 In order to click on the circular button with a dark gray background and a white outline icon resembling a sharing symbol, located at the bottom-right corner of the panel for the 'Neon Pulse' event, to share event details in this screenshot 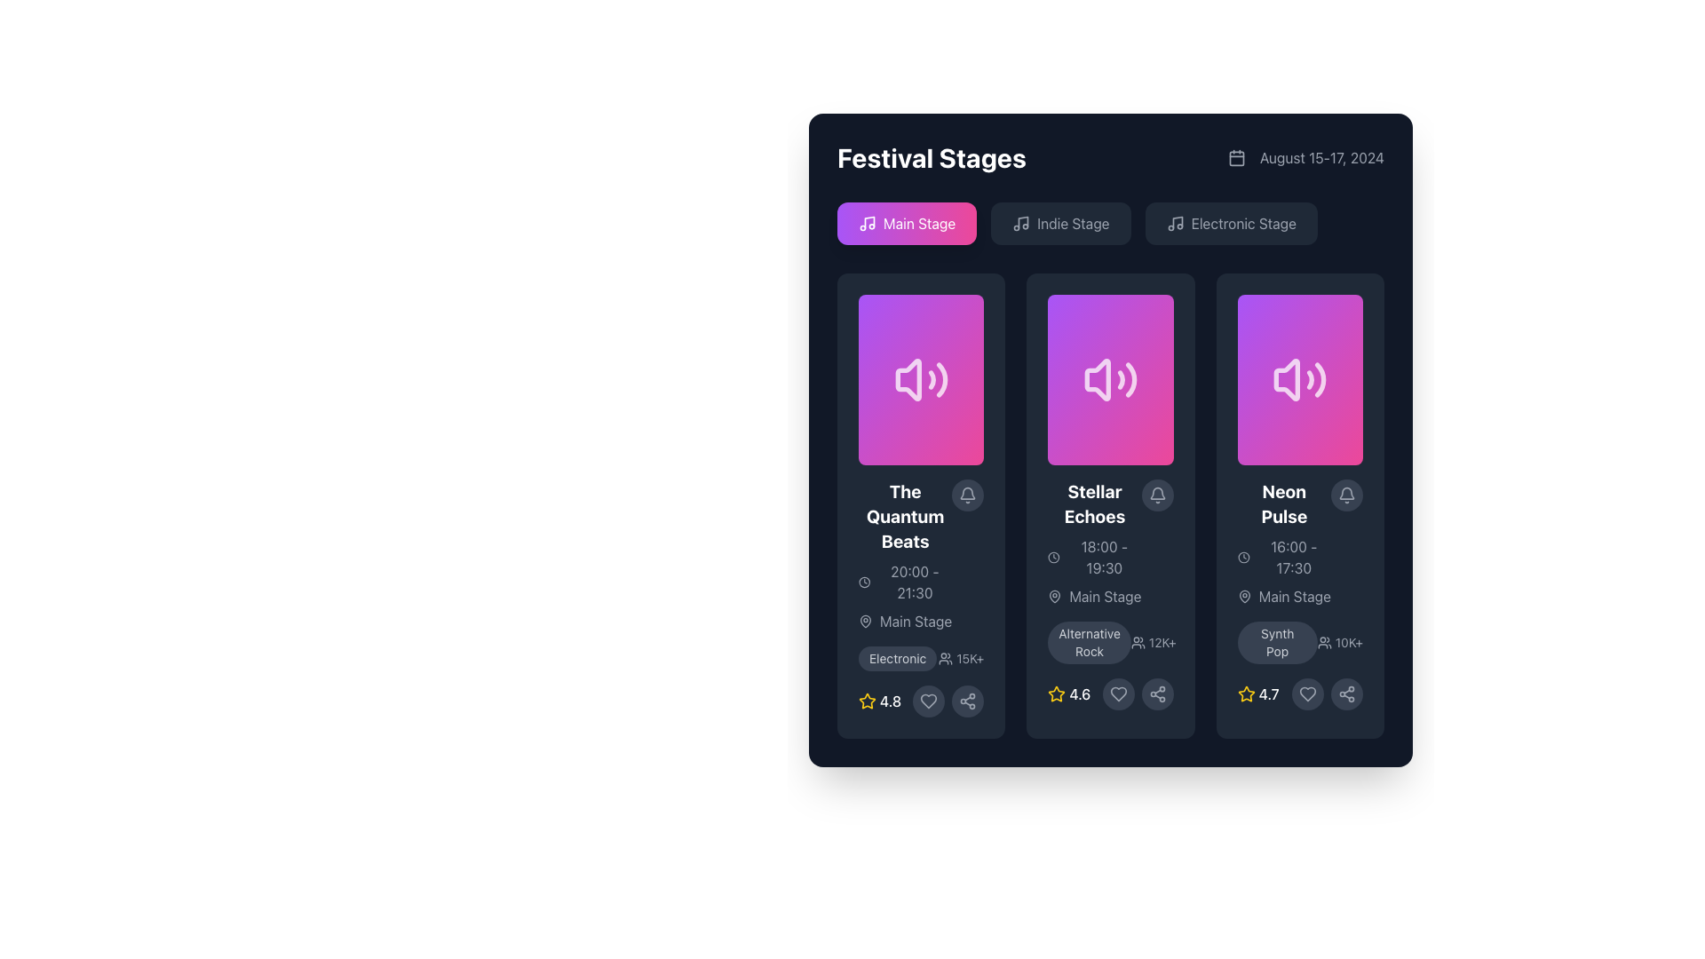, I will do `click(1346, 693)`.